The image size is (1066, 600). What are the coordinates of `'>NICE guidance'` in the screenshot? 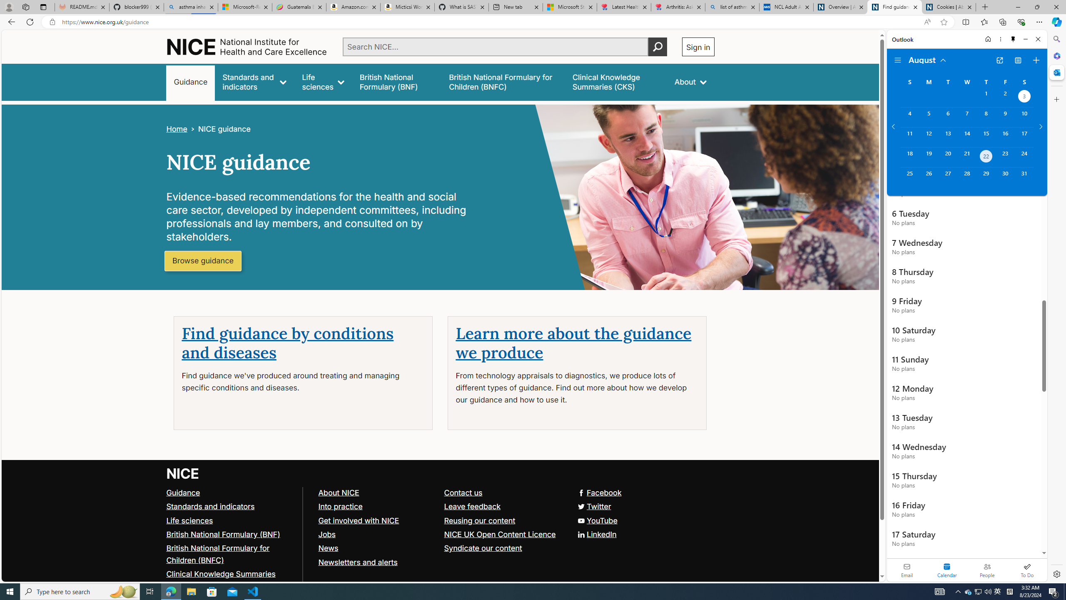 It's located at (218, 129).